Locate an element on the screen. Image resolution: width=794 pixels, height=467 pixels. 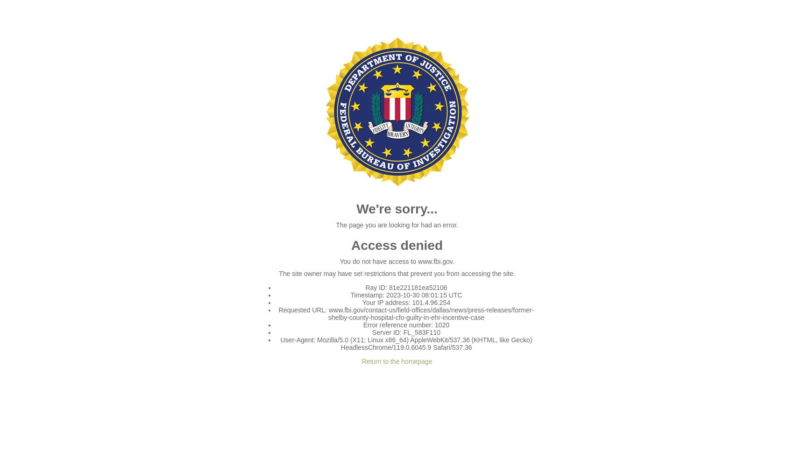
'Timestamp: 2023-10-30 08:01:15 UTC' is located at coordinates (350, 295).